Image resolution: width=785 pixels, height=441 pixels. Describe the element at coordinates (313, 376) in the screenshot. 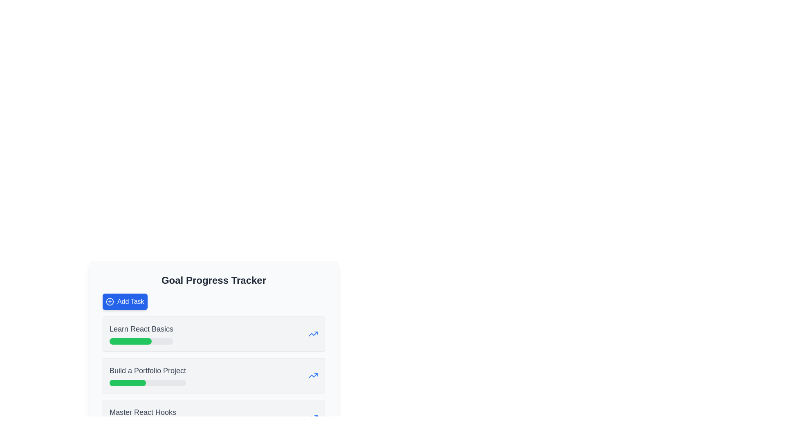

I see `the progress indicator icon located in the rightmost section of the card titled 'Build a Portfolio Project' within the 'Goal Progress Tracker' panel` at that location.